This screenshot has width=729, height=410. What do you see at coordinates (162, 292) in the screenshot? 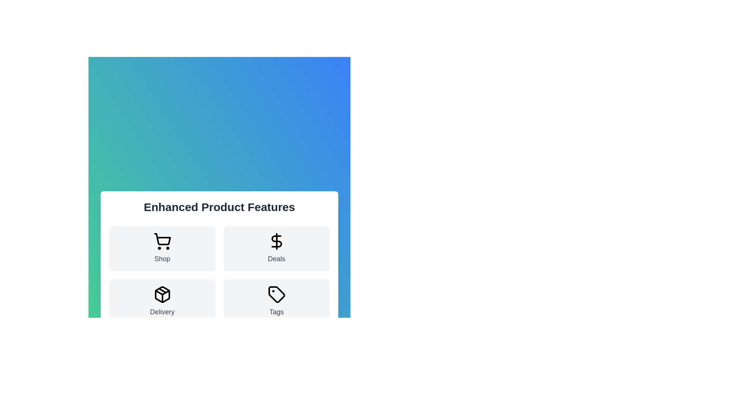
I see `the graphical icon fragment representing the 'Delivery' feature in the 'Enhanced Product Features' section, located at the center bottom of the package icon` at bounding box center [162, 292].